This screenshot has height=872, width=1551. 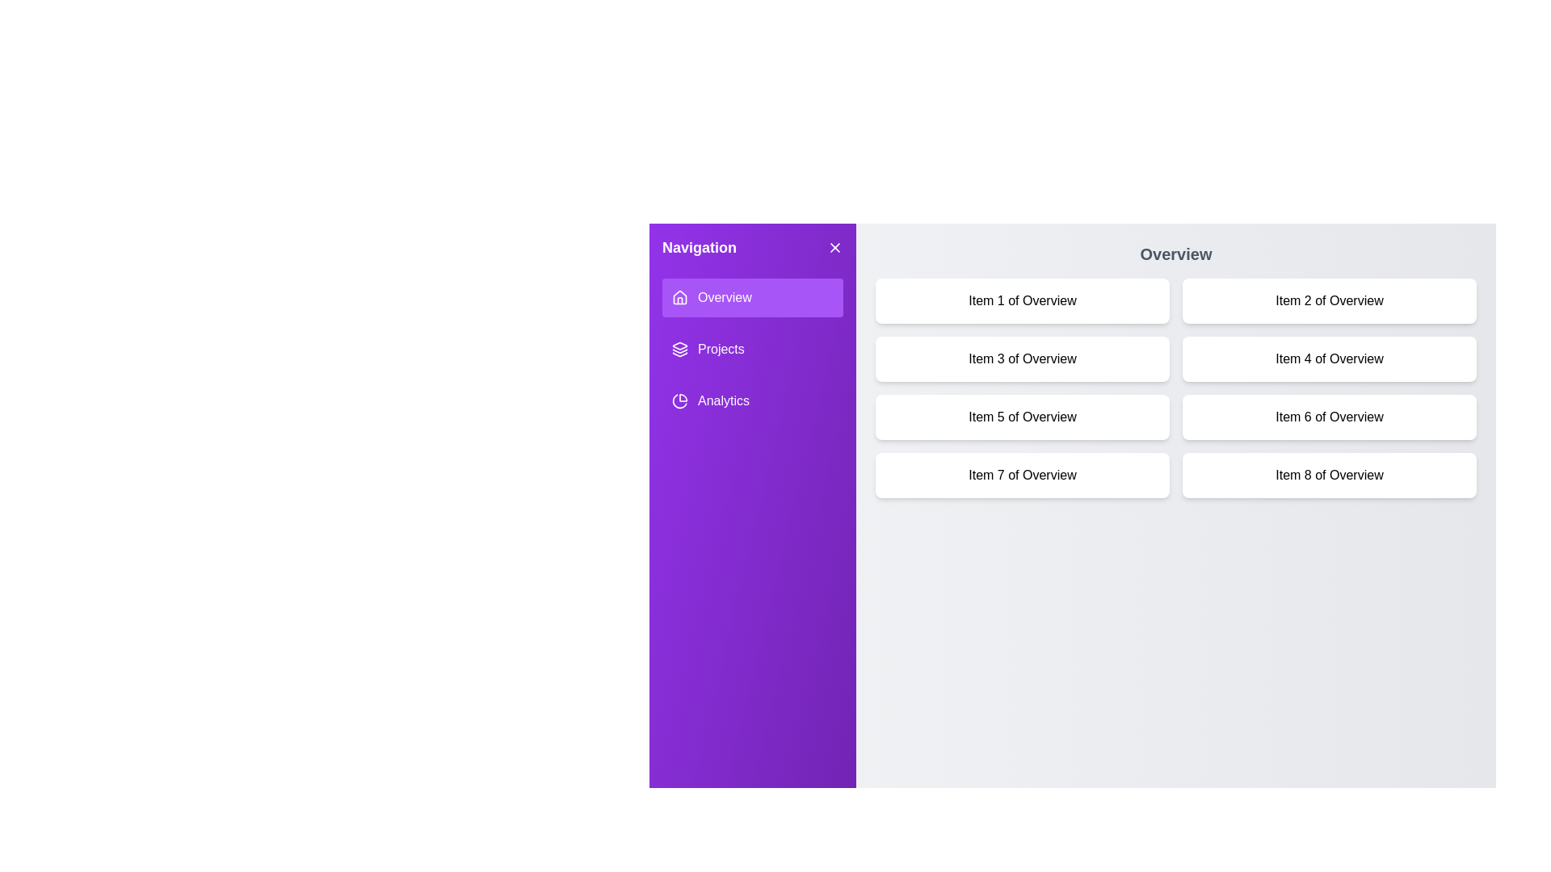 What do you see at coordinates (751, 348) in the screenshot?
I see `the navigation tab Projects` at bounding box center [751, 348].